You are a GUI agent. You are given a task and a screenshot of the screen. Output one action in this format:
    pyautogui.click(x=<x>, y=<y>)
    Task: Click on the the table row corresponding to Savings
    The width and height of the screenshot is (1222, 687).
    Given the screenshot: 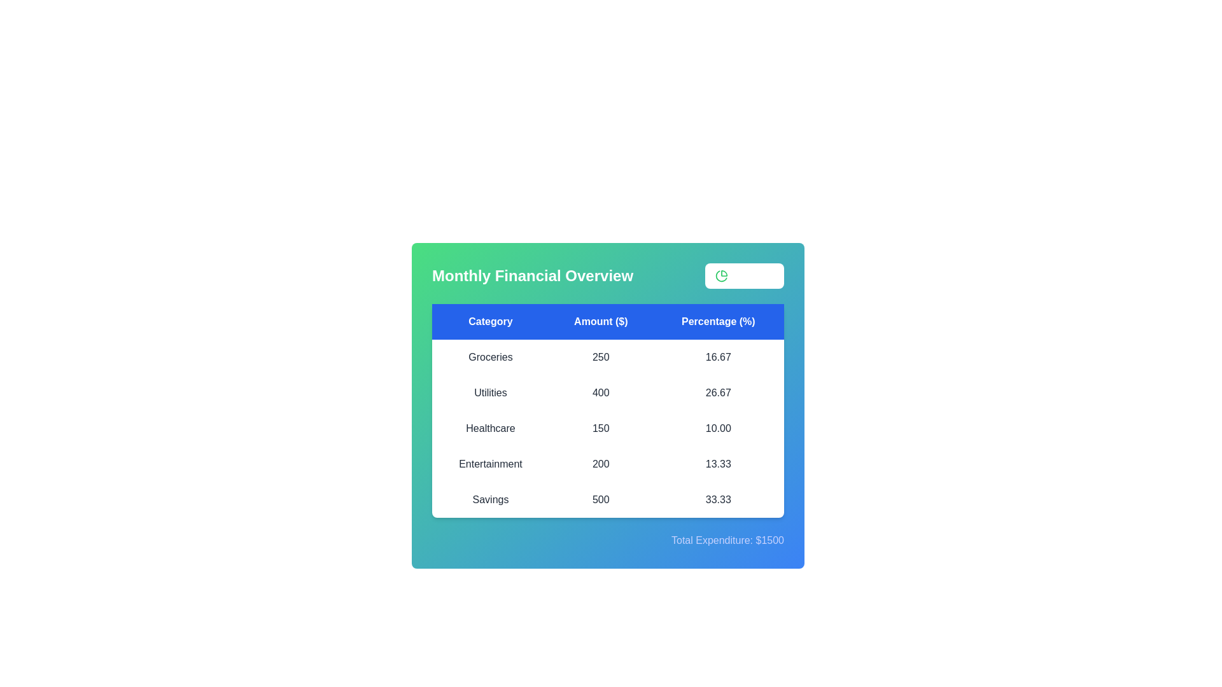 What is the action you would take?
    pyautogui.click(x=607, y=499)
    